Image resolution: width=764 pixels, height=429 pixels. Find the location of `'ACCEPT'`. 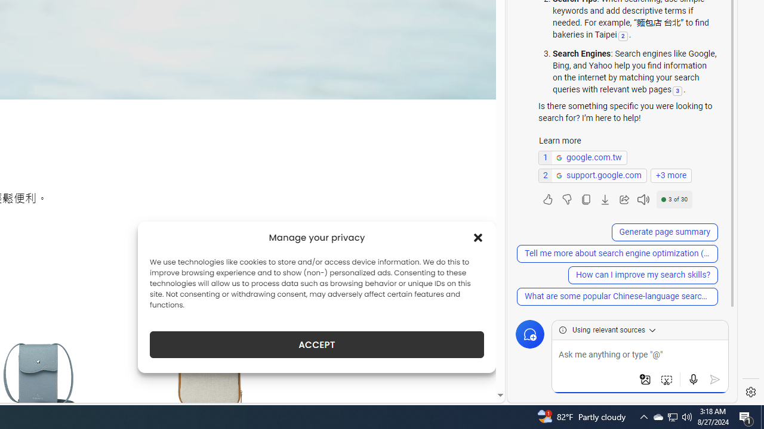

'ACCEPT' is located at coordinates (317, 344).